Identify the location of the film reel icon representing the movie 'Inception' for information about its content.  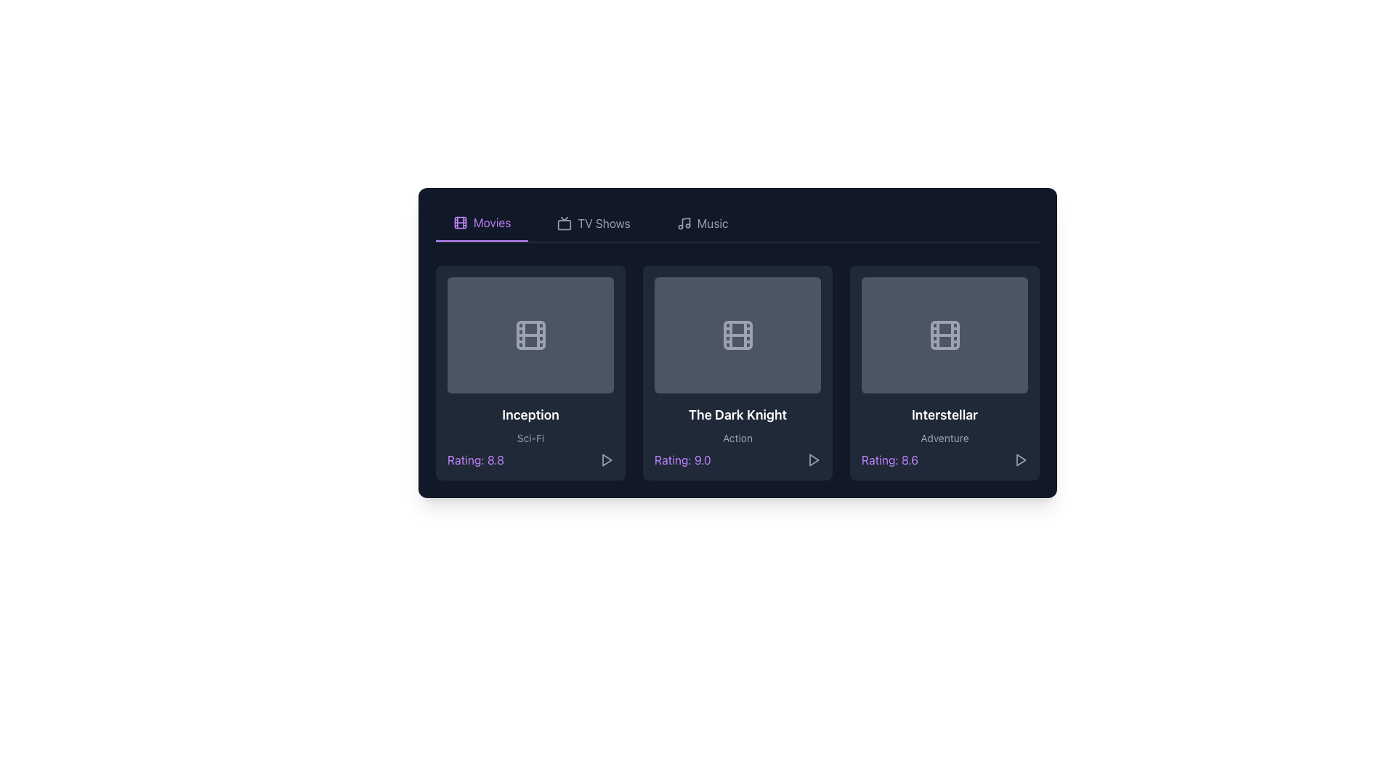
(530, 335).